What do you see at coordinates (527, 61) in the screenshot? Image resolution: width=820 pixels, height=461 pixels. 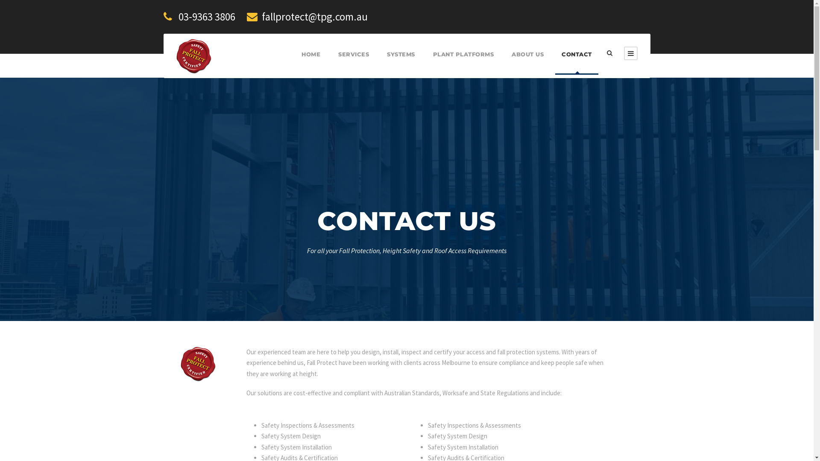 I see `'ABOUT US'` at bounding box center [527, 61].